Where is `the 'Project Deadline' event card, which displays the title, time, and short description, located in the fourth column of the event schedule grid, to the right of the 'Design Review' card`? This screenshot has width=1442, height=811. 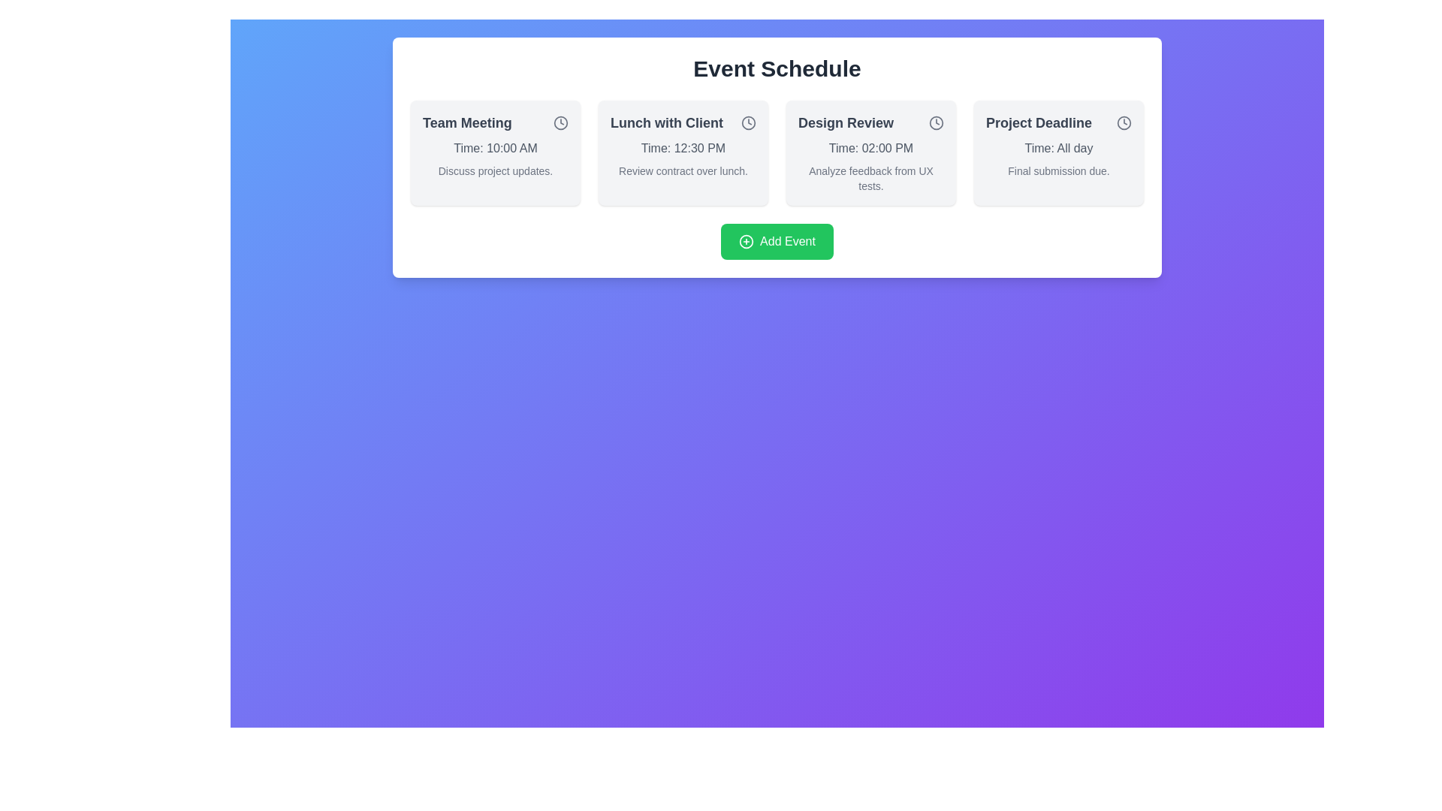 the 'Project Deadline' event card, which displays the title, time, and short description, located in the fourth column of the event schedule grid, to the right of the 'Design Review' card is located at coordinates (1058, 153).